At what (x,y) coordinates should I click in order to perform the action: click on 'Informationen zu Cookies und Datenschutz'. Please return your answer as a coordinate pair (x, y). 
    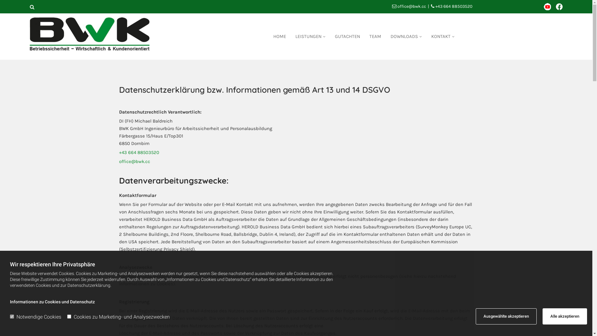
    Looking at the image, I should click on (52, 301).